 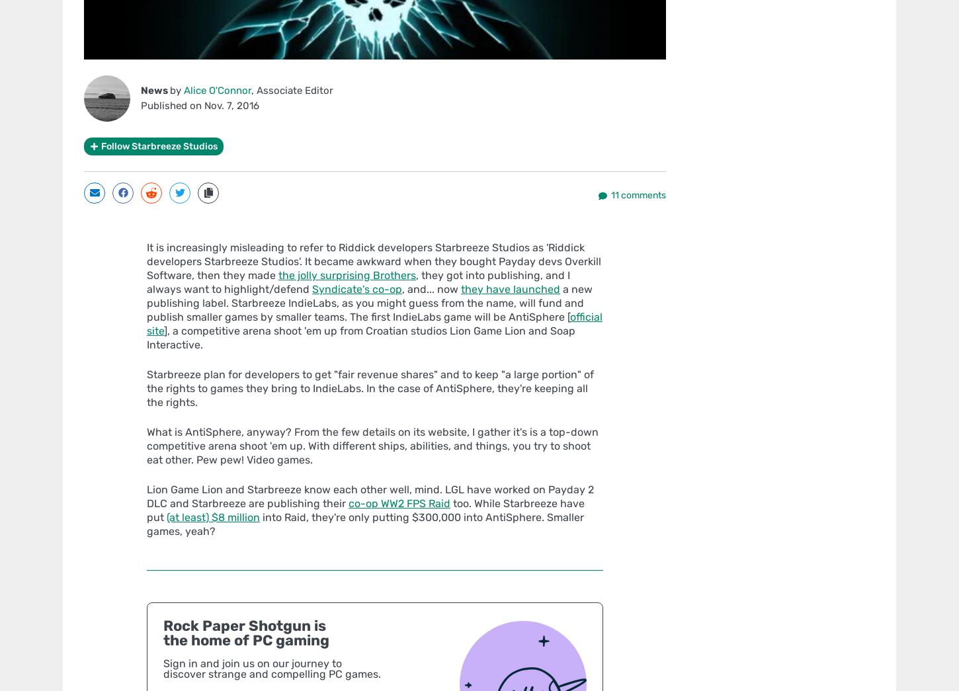 What do you see at coordinates (361, 336) in the screenshot?
I see `'], a competitive arena shoot 'em up from Croatian studios Lion Game Lion and Soap Interactive.'` at bounding box center [361, 336].